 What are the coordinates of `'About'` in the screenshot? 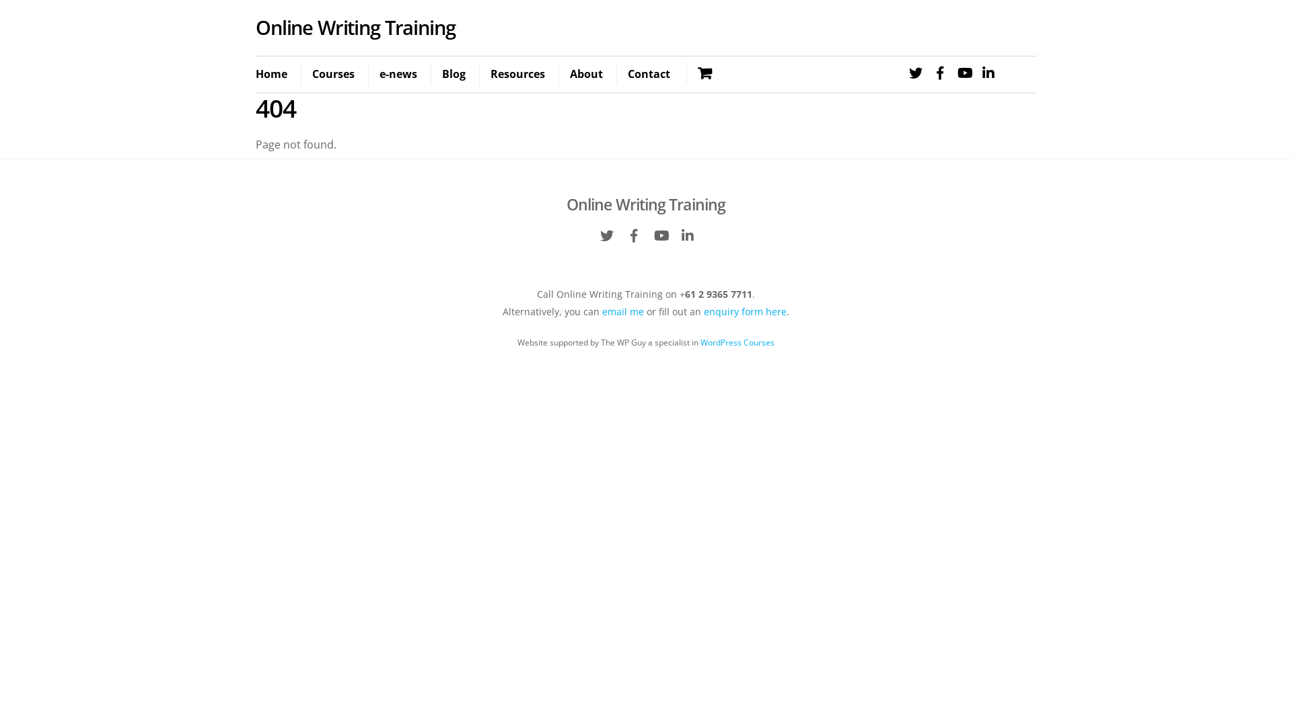 It's located at (559, 75).